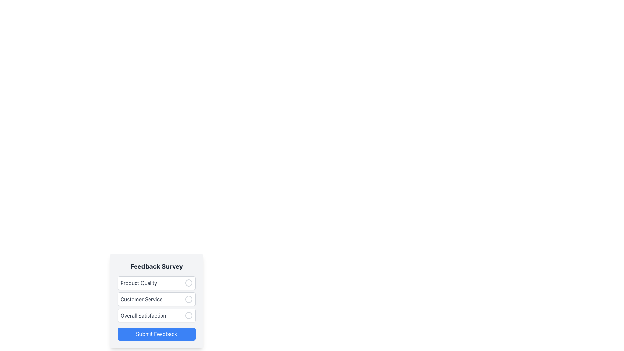 The width and height of the screenshot is (624, 351). Describe the element at coordinates (188, 283) in the screenshot. I see `the circular radio button with a gray stroke located to the right of the 'Product Quality' text in the feedback survey interface` at that location.